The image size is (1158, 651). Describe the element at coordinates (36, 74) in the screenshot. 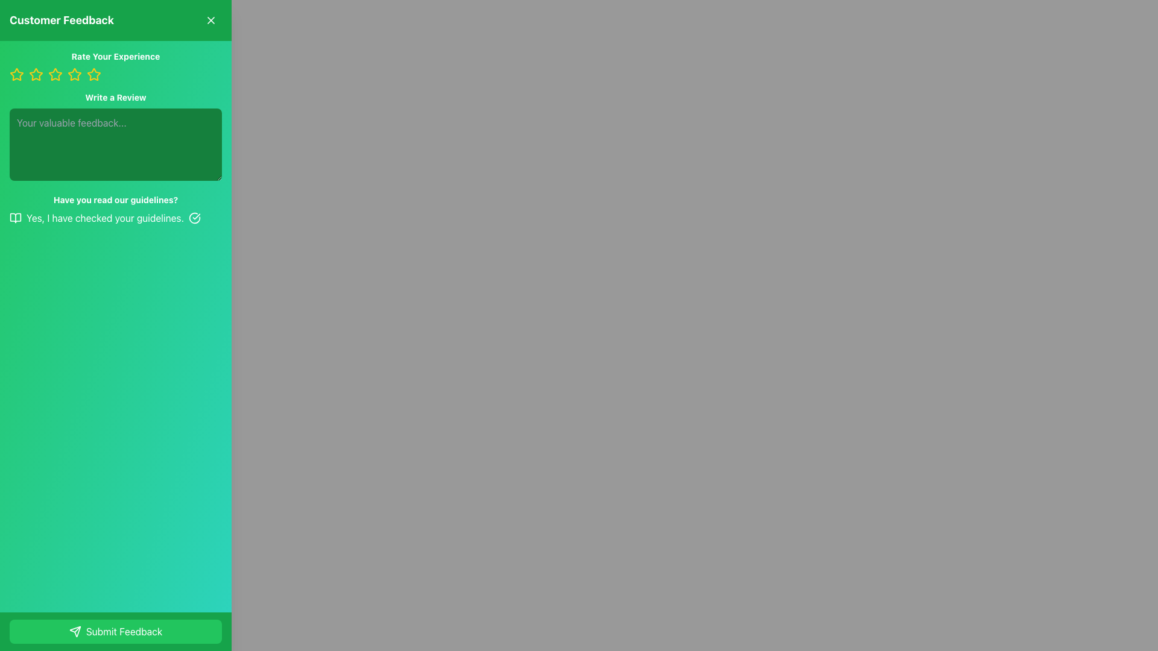

I see `the second star icon from the left in the horizontal row of stars` at that location.